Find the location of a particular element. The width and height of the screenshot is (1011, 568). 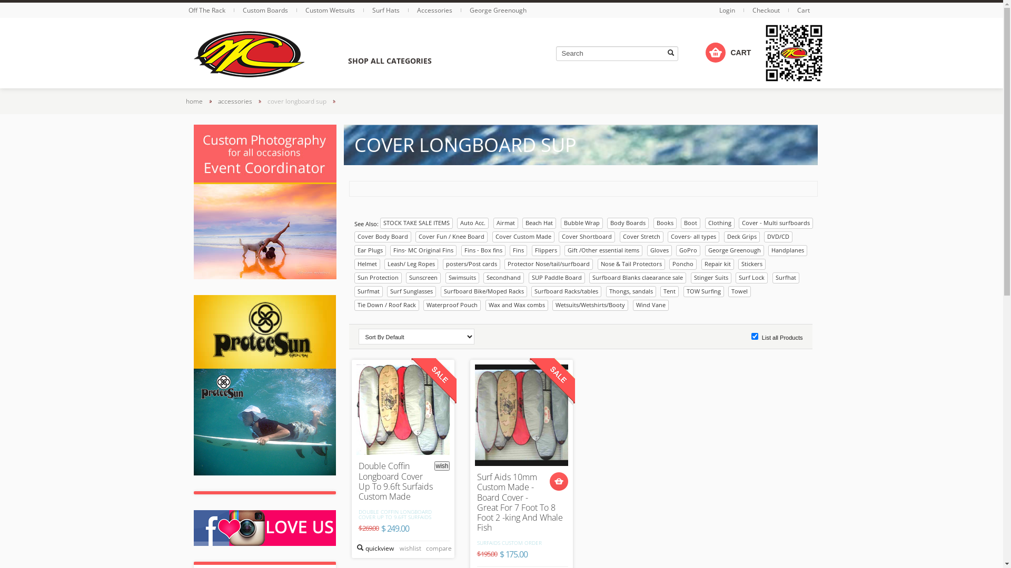

'CART' is located at coordinates (715, 53).